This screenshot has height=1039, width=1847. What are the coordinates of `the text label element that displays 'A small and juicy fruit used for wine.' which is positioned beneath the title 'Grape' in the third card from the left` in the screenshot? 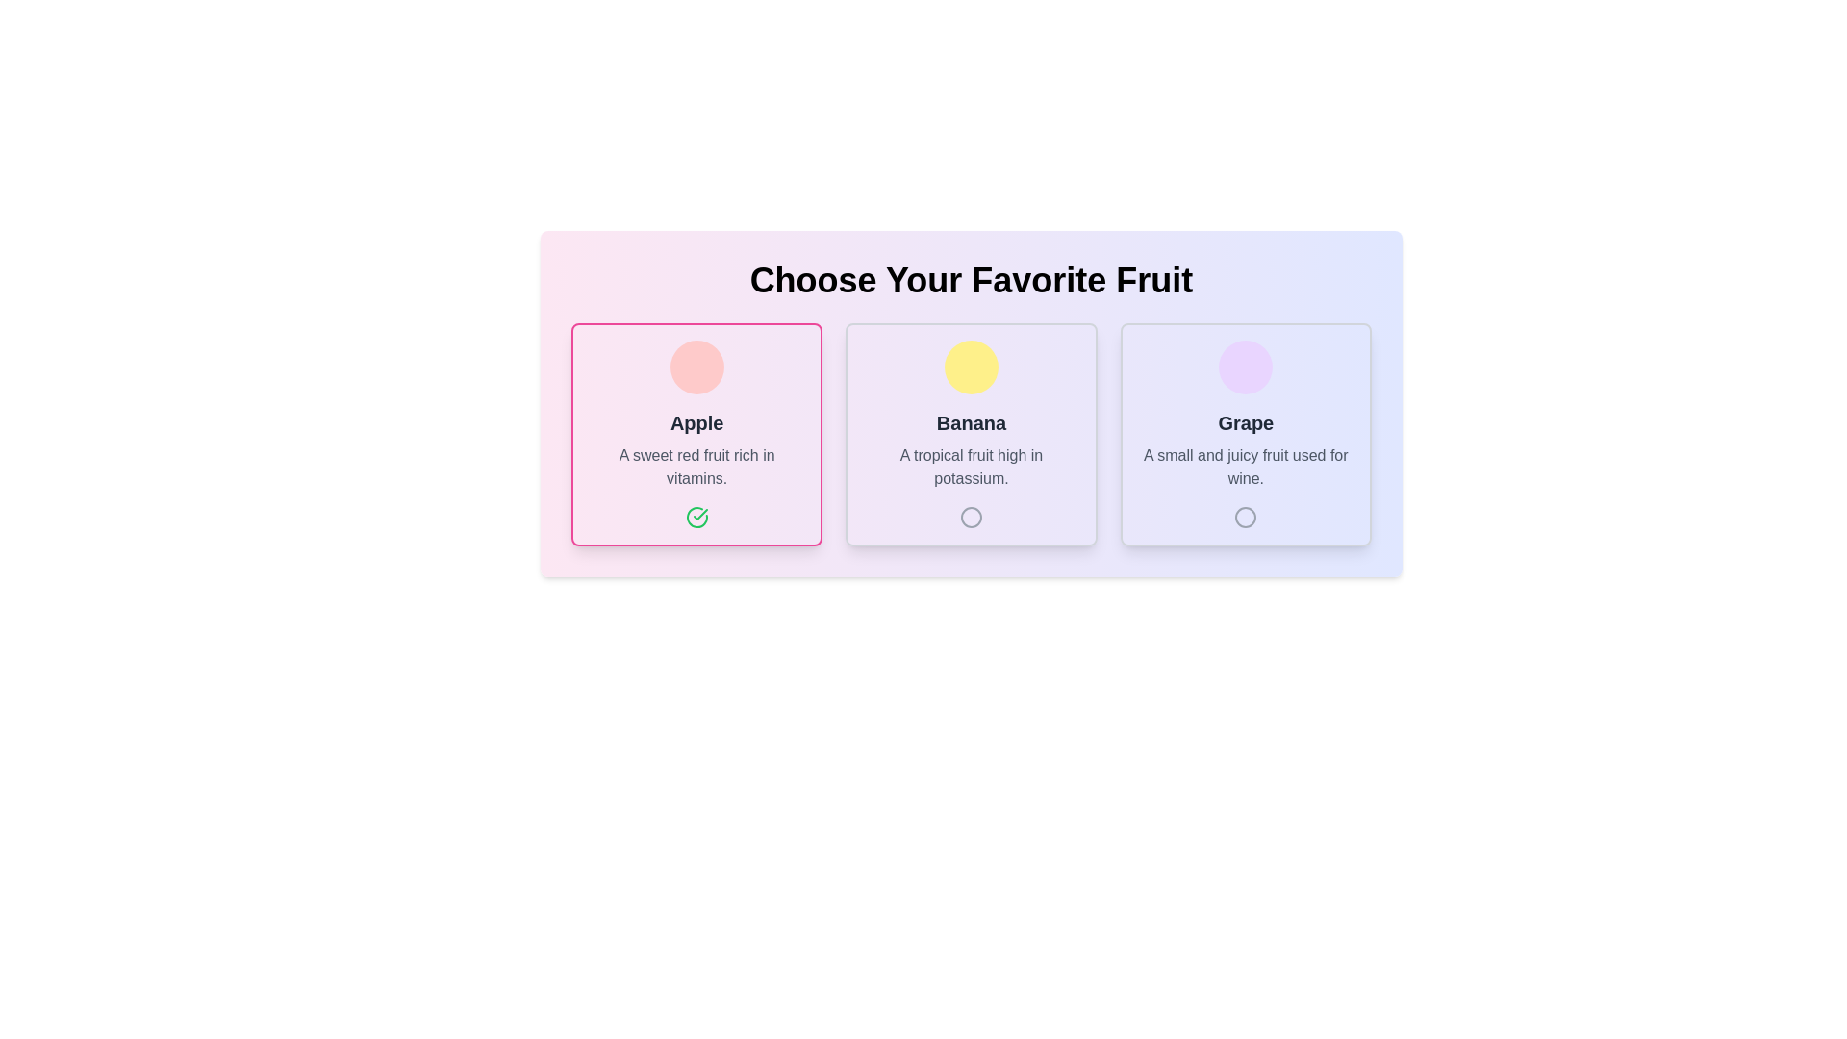 It's located at (1246, 468).